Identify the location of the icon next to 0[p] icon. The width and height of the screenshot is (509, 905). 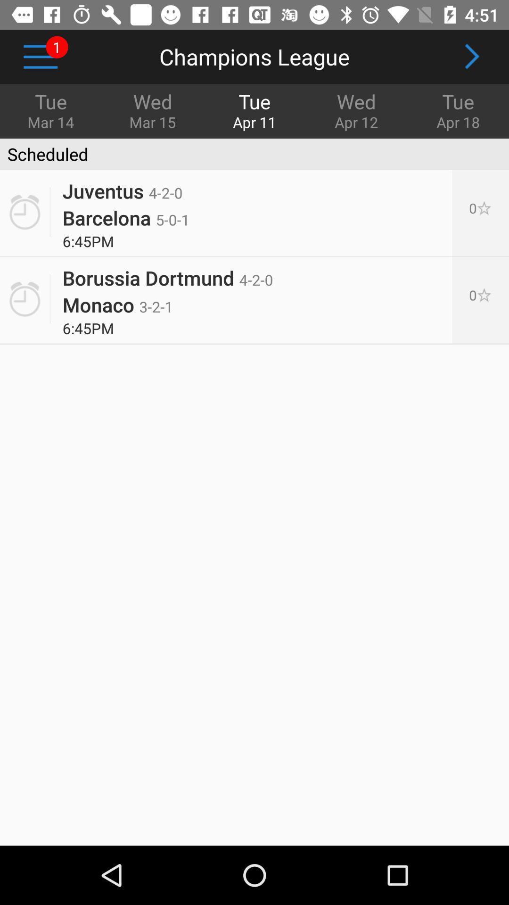
(167, 273).